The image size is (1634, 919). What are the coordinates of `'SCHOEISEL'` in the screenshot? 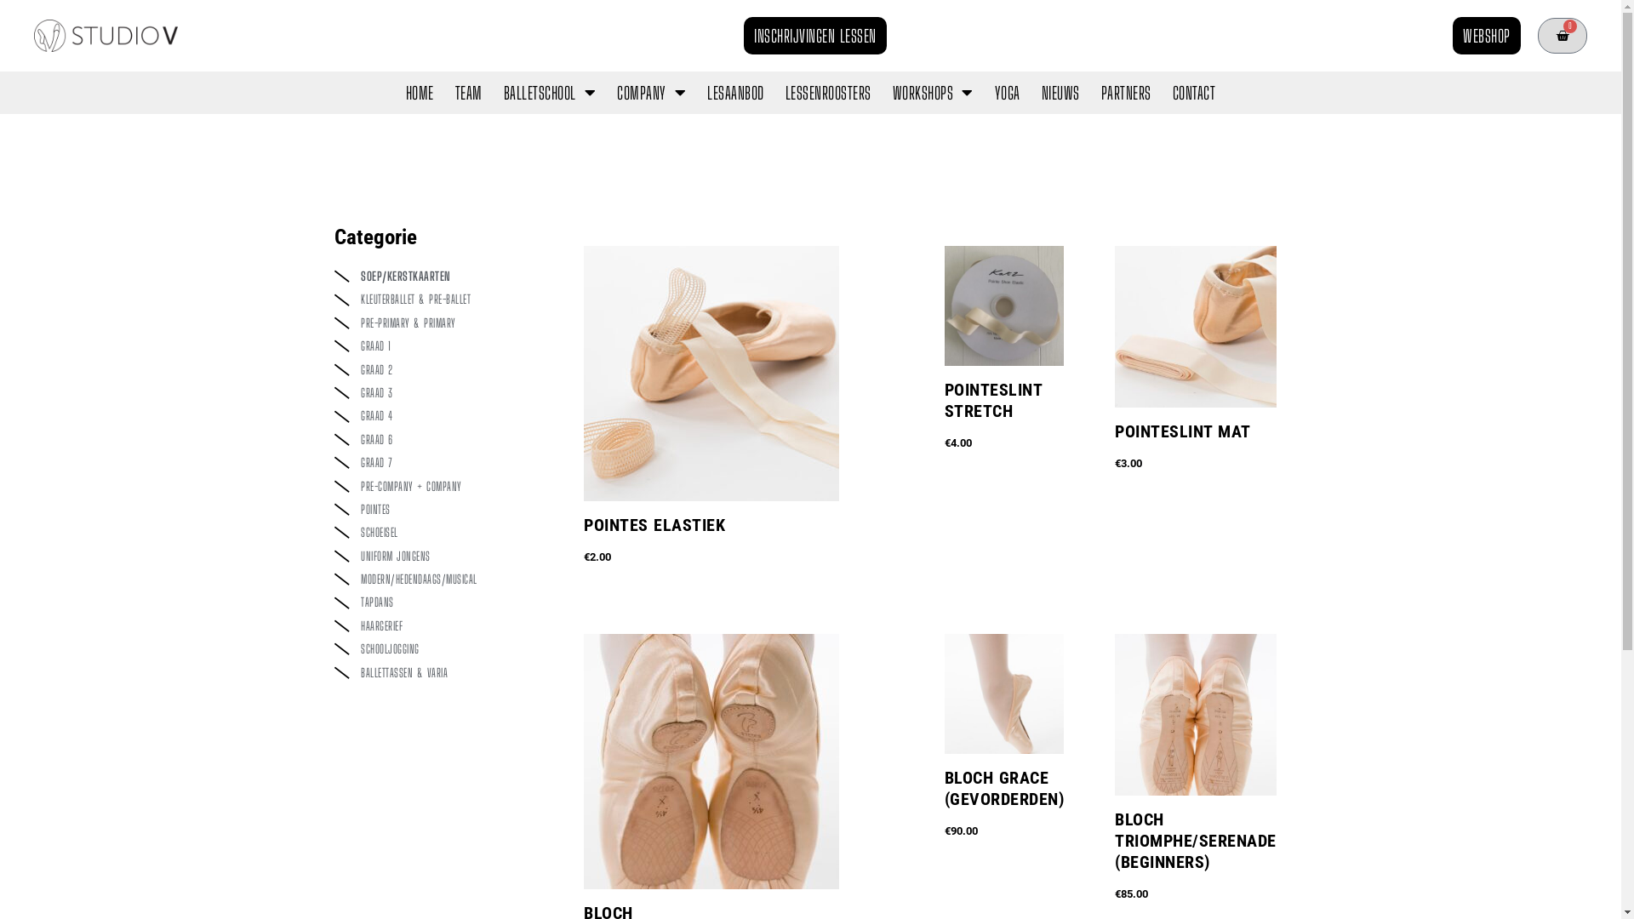 It's located at (441, 531).